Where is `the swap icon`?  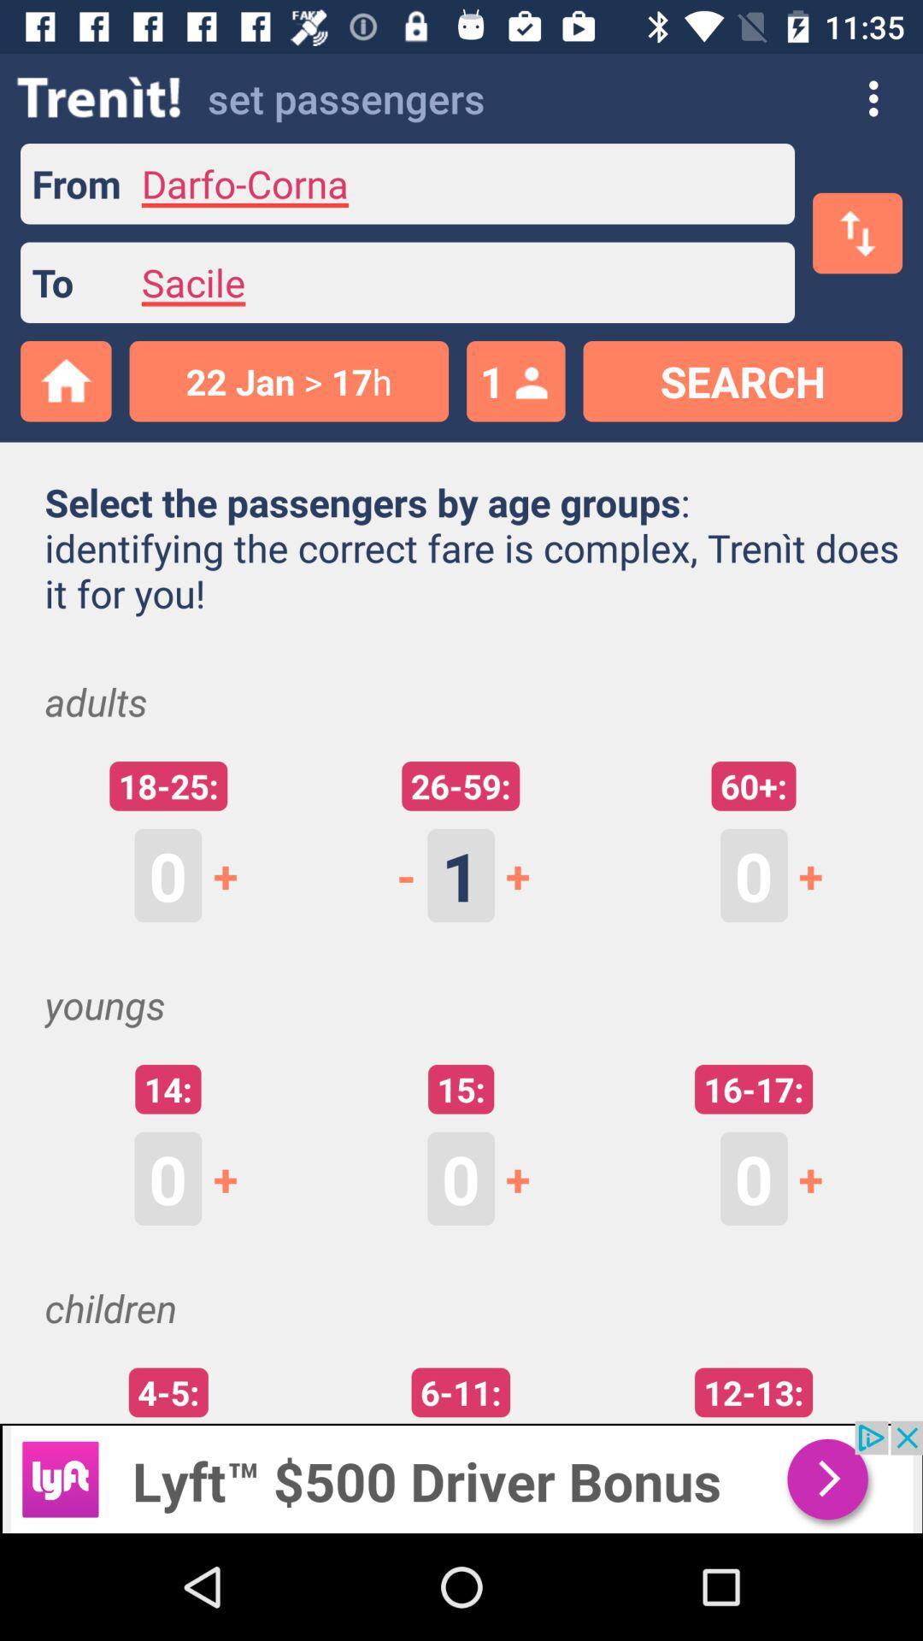
the swap icon is located at coordinates (857, 232).